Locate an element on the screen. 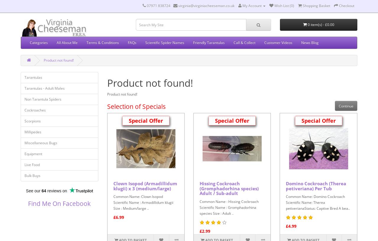 This screenshot has width=378, height=241. 'Live Food' is located at coordinates (32, 164).